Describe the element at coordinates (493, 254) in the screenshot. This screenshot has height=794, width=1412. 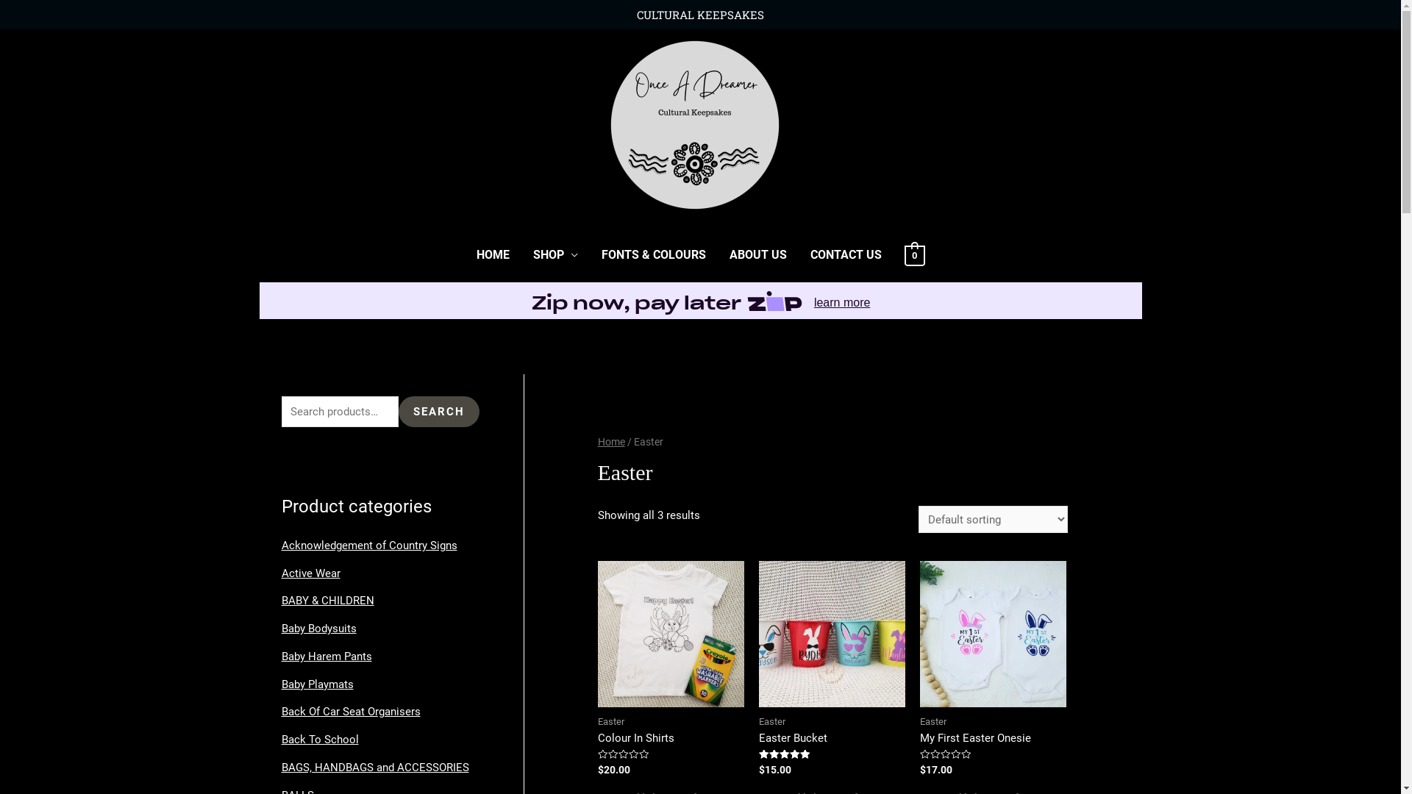
I see `'HOME'` at that location.